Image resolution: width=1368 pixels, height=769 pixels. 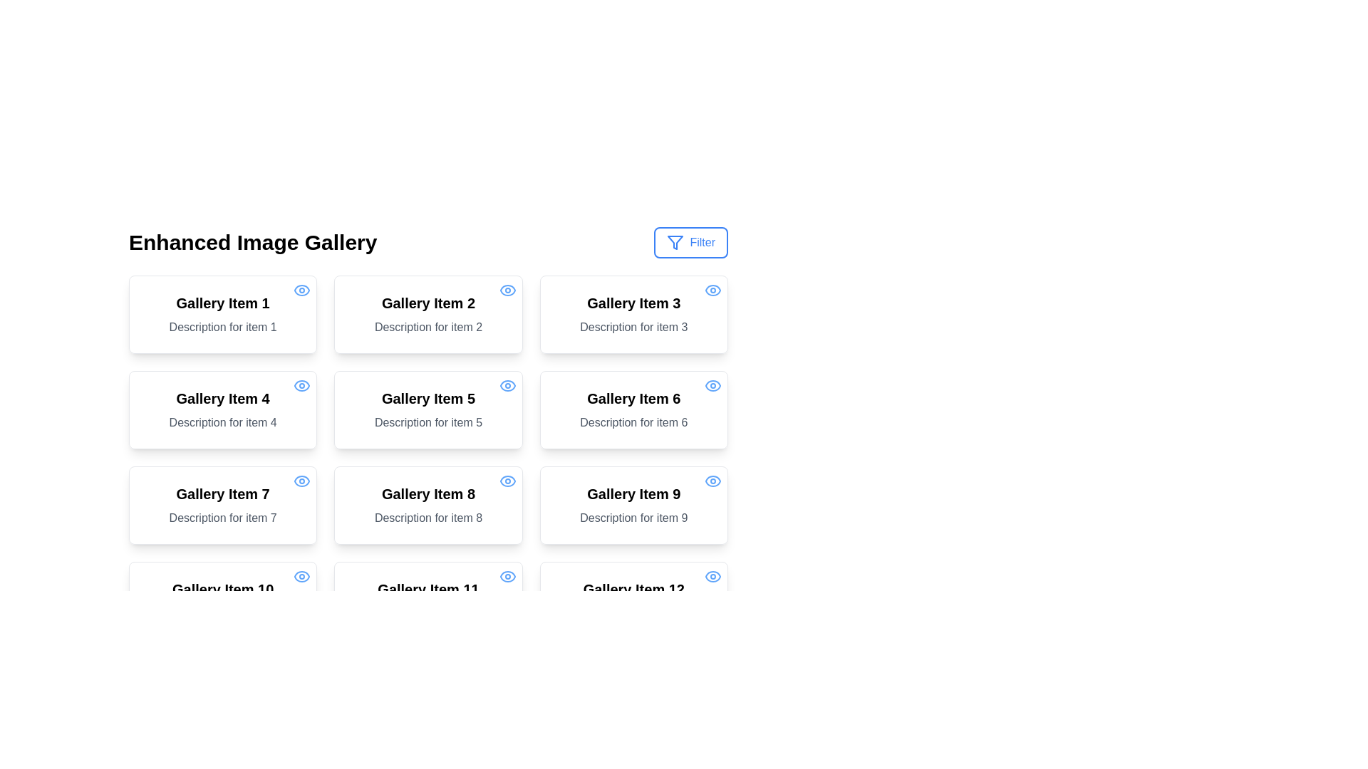 What do you see at coordinates (507, 481) in the screenshot?
I see `the eye icon with a blue outline located in the top-right corner of the card labeled 'Gallery Item 8' in the third row of the gallery grid` at bounding box center [507, 481].